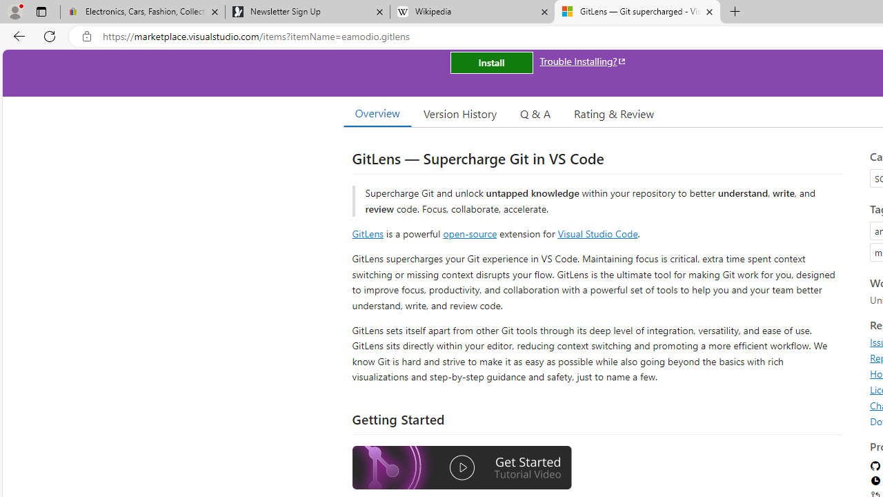  I want to click on 'Tab actions menu', so click(41, 11).